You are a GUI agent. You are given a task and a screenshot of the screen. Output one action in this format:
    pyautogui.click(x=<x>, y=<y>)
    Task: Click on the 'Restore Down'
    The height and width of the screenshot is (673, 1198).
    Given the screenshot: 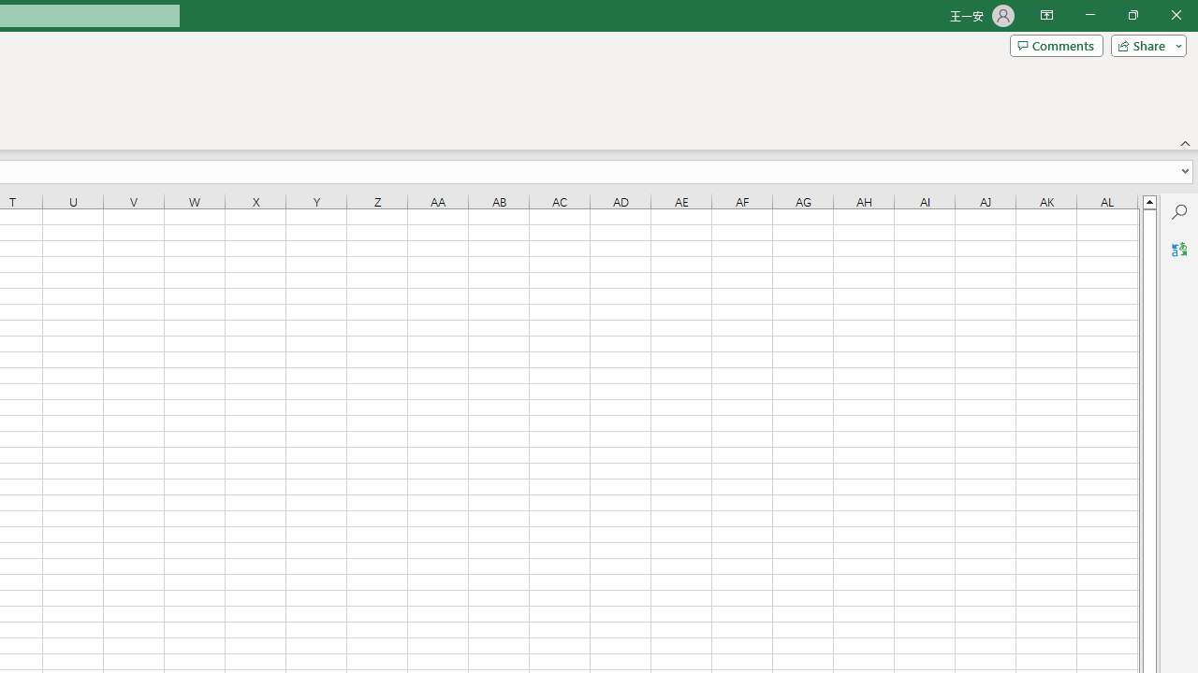 What is the action you would take?
    pyautogui.click(x=1132, y=15)
    